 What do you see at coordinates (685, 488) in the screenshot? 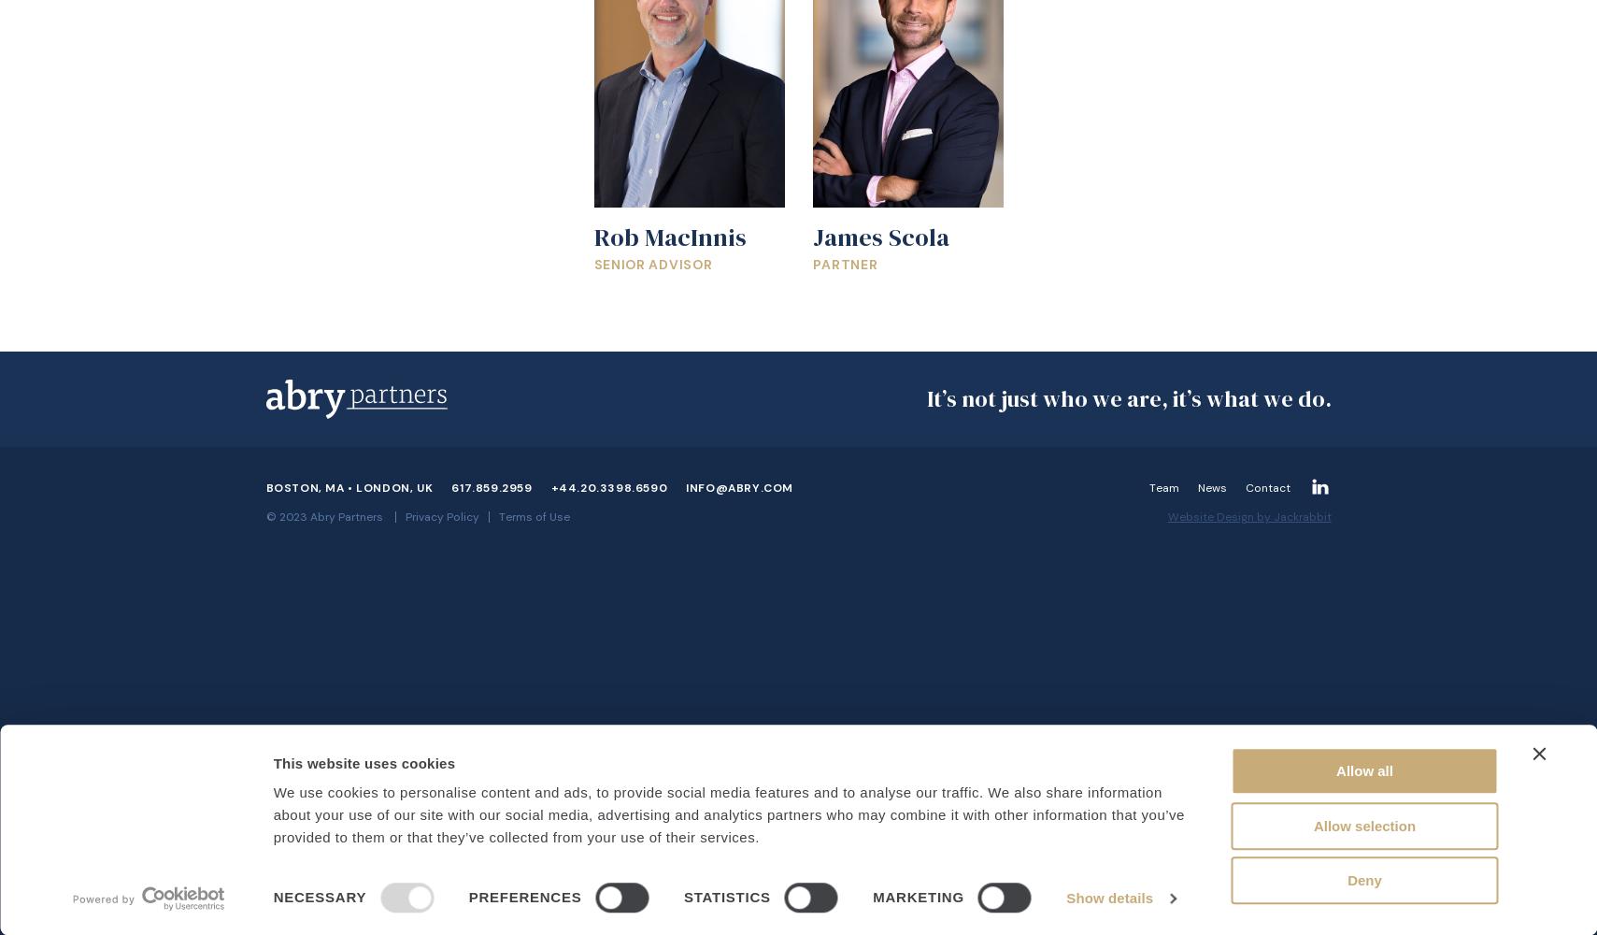
I see `'info@abry.com'` at bounding box center [685, 488].